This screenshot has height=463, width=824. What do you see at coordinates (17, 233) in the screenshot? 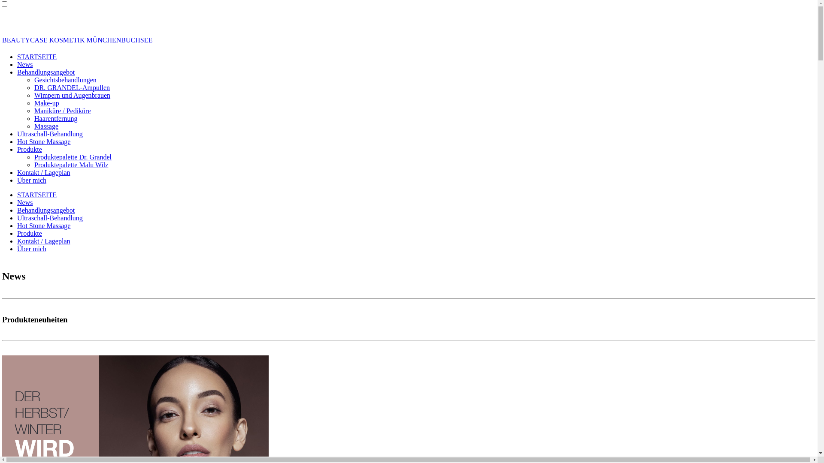
I see `'Produkte'` at bounding box center [17, 233].